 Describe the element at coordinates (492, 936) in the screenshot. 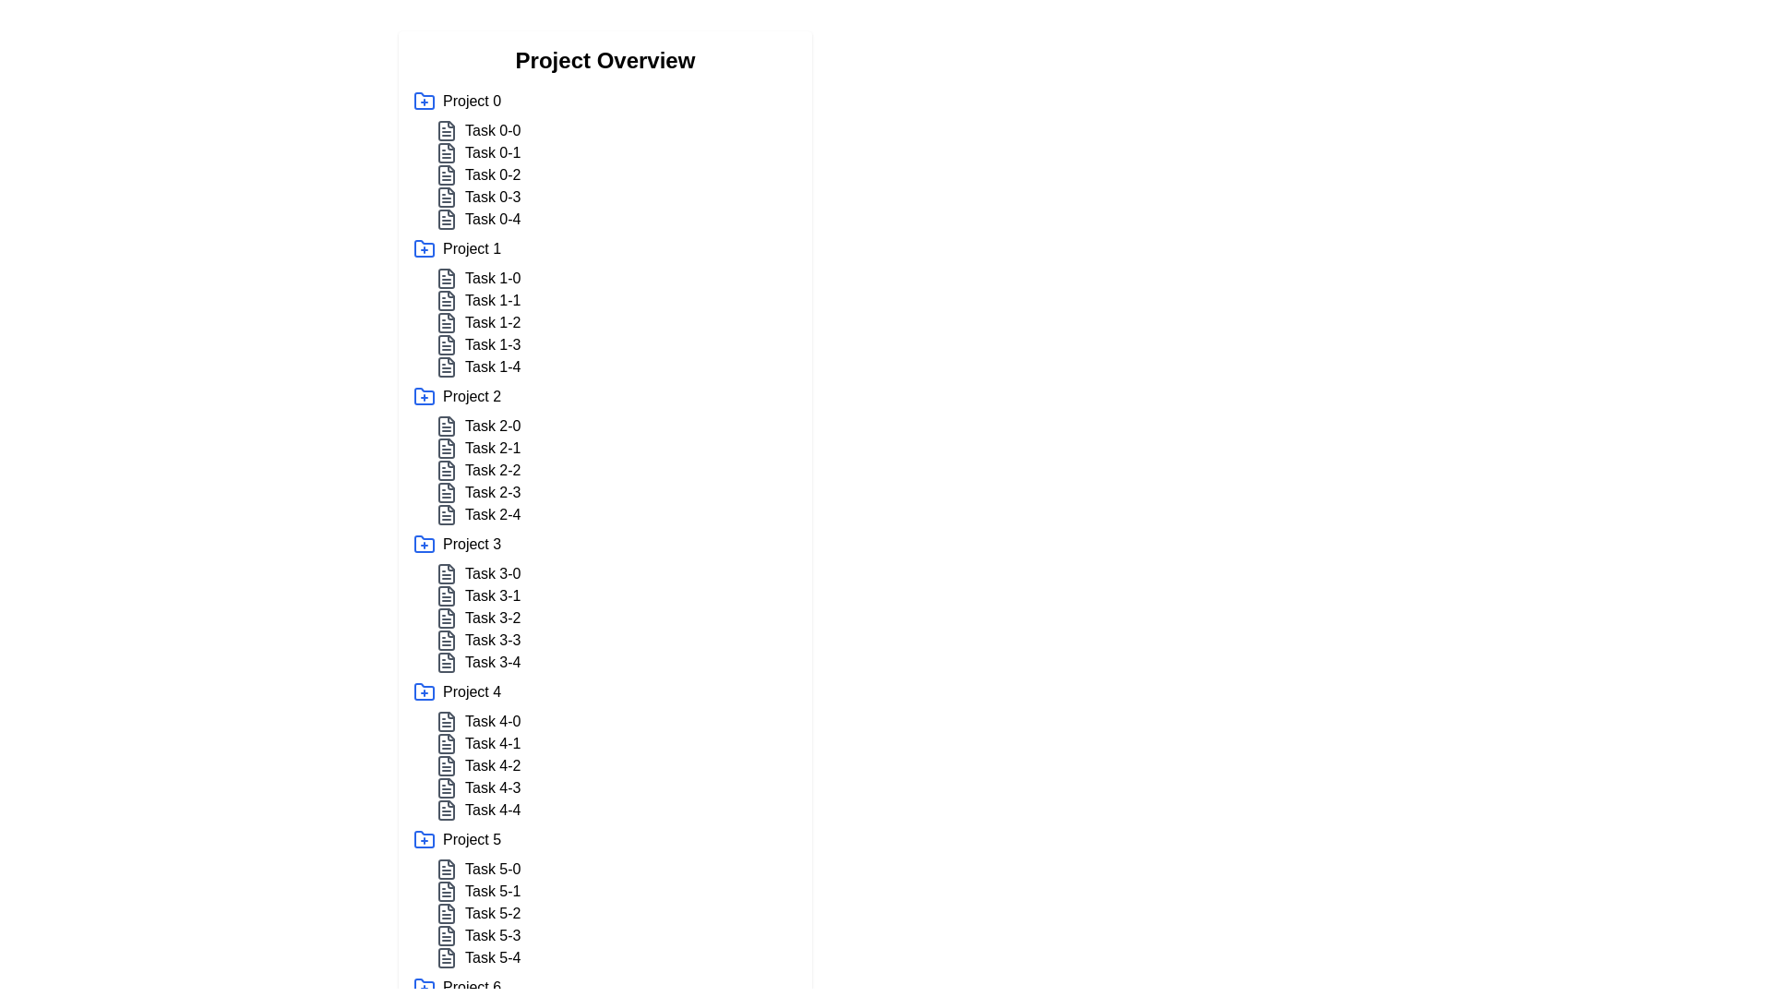

I see `the 'Task 5-3' text label with an inline document icon` at that location.